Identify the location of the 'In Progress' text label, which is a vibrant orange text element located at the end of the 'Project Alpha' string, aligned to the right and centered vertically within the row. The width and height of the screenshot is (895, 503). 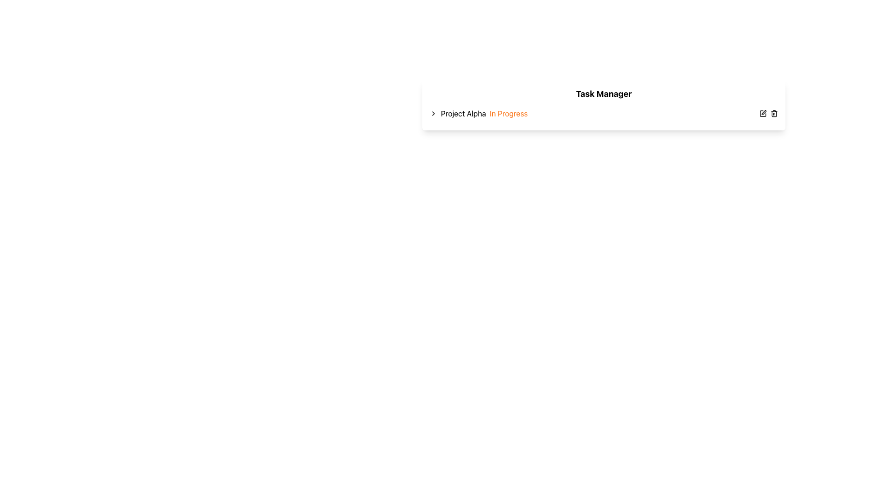
(508, 113).